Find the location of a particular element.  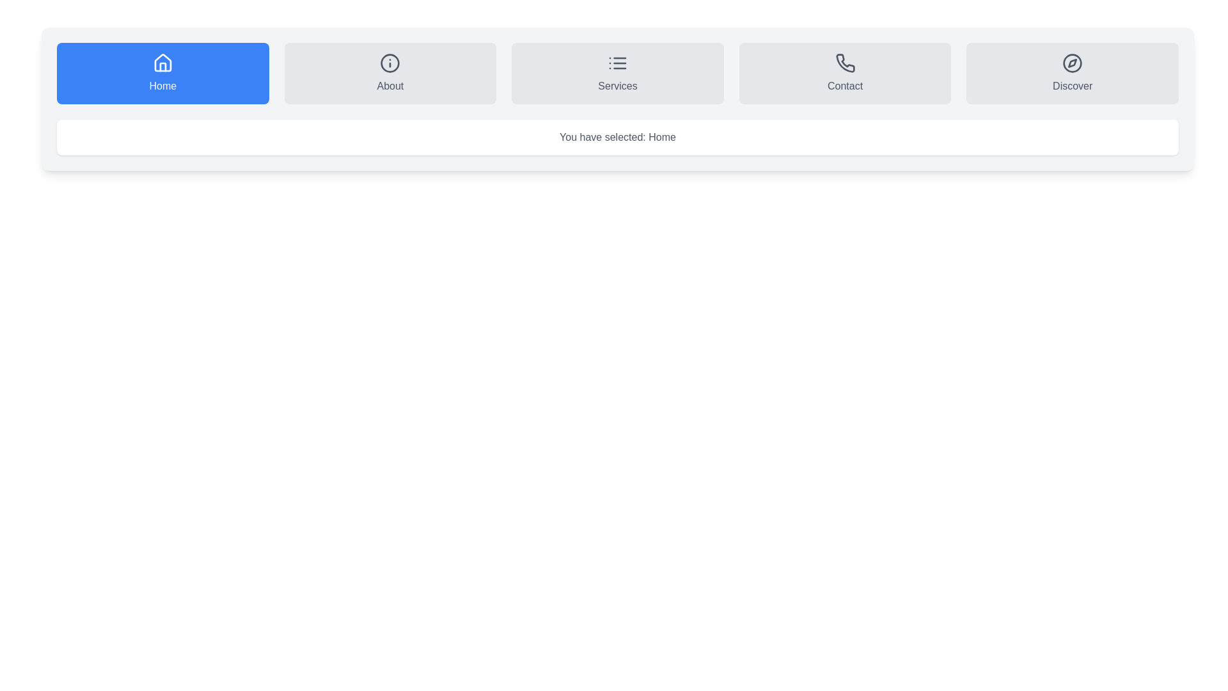

the minimalist line art telephone icon located in the fourth navigation button labeled 'Contact' in the navigation bar is located at coordinates (845, 63).